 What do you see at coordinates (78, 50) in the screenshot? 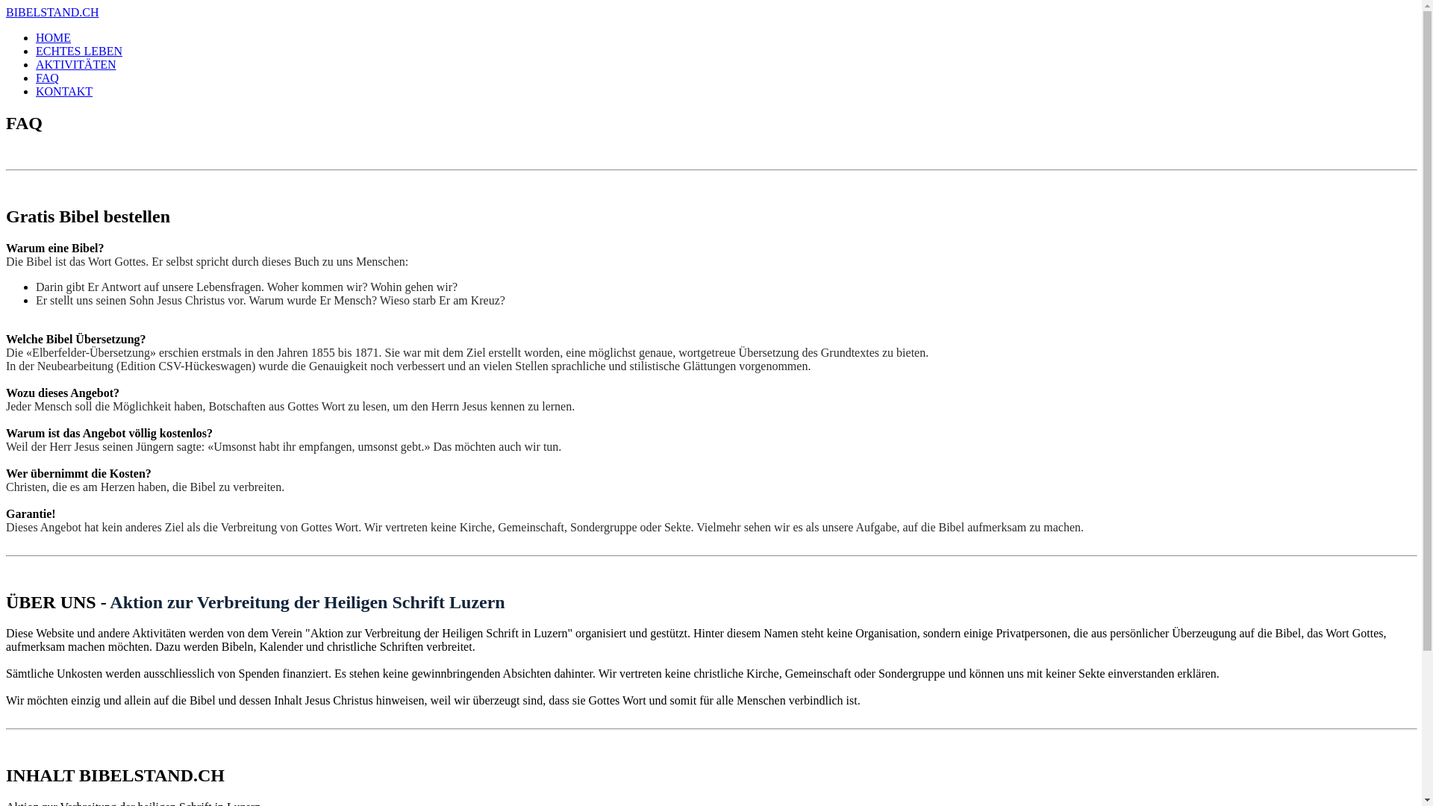
I see `'ECHTES LEBEN'` at bounding box center [78, 50].